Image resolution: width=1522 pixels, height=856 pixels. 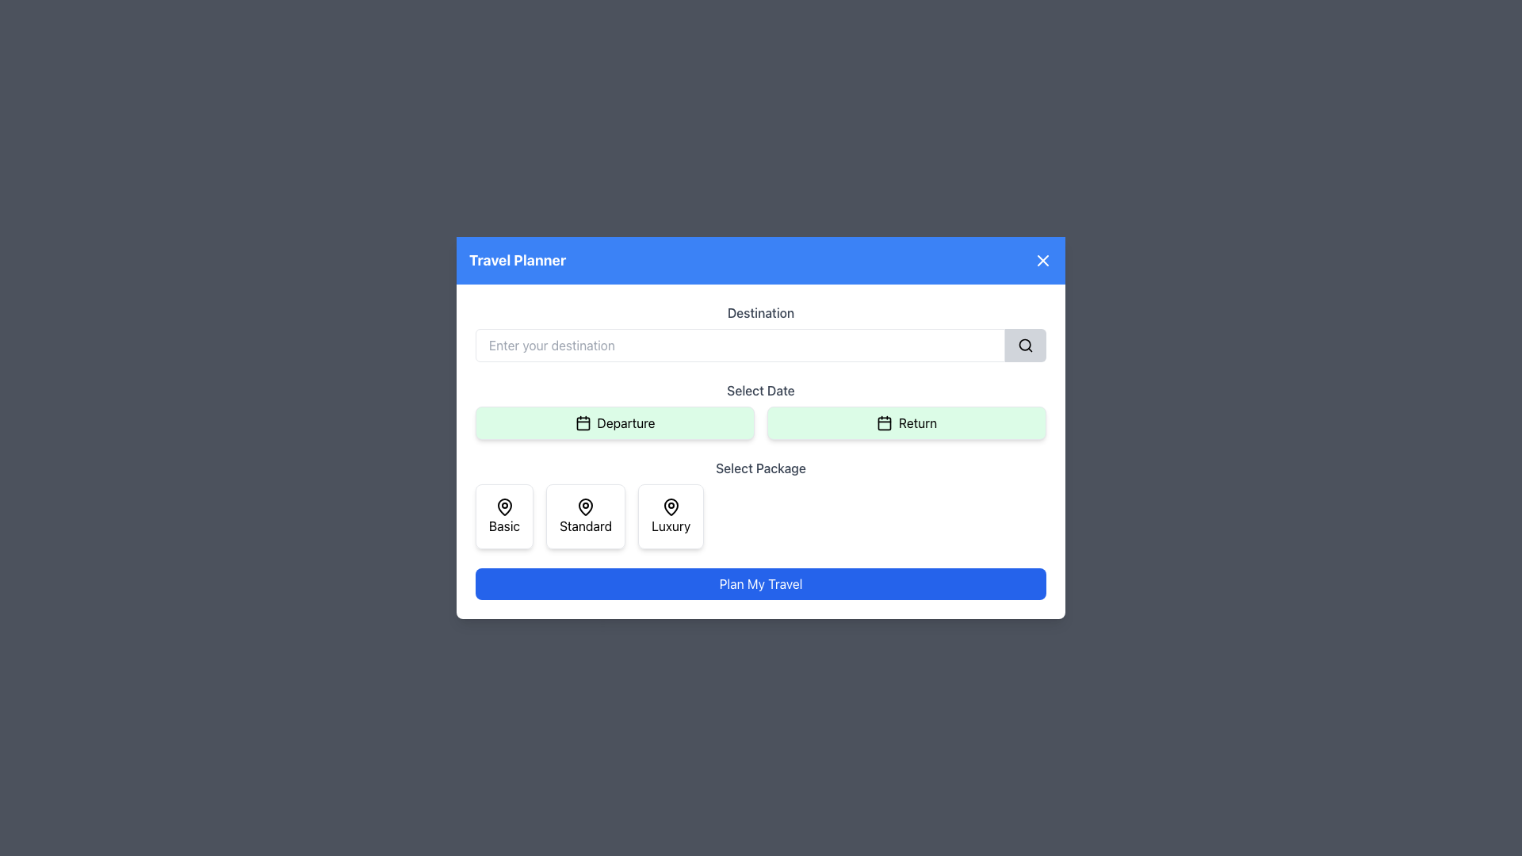 What do you see at coordinates (585, 525) in the screenshot?
I see `the 'Standard' package option label in the 'Select Package' section` at bounding box center [585, 525].